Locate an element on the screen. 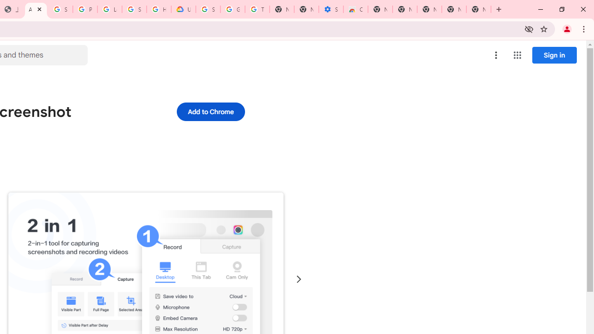 Image resolution: width=594 pixels, height=334 pixels. 'More options menu' is located at coordinates (496, 55).